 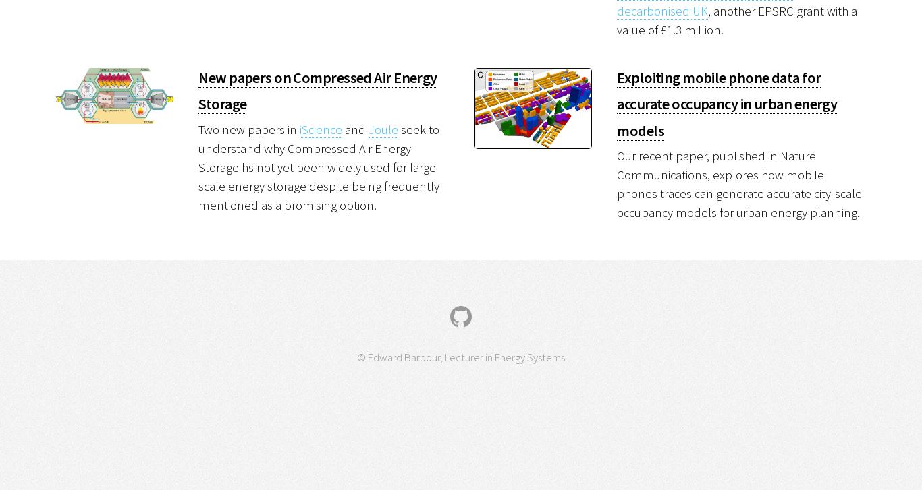 What do you see at coordinates (736, 20) in the screenshot?
I see `', another EPSRC grant with a value of £1.3 million.'` at bounding box center [736, 20].